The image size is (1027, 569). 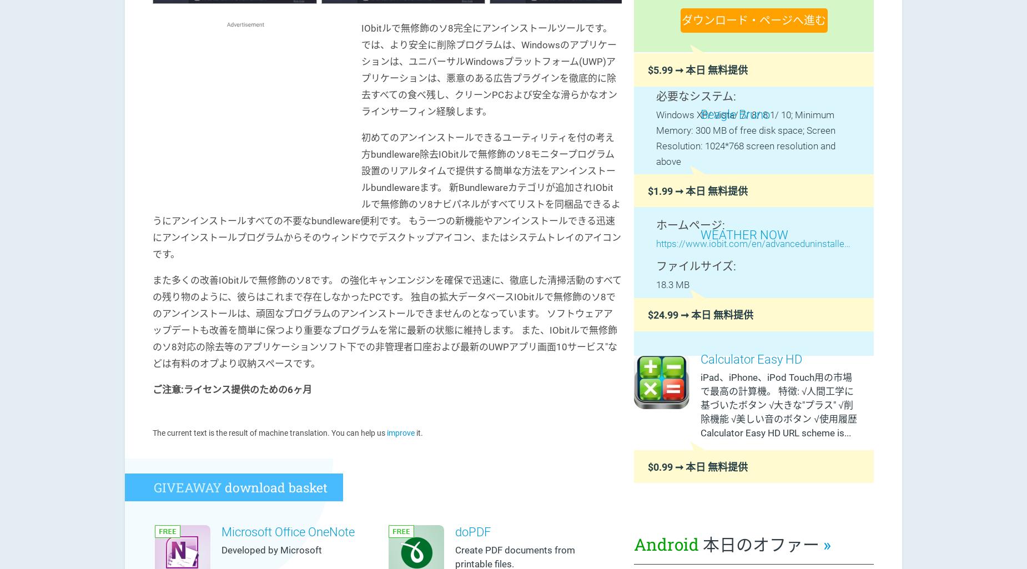 I want to click on 'iObit', so click(x=664, y=202).